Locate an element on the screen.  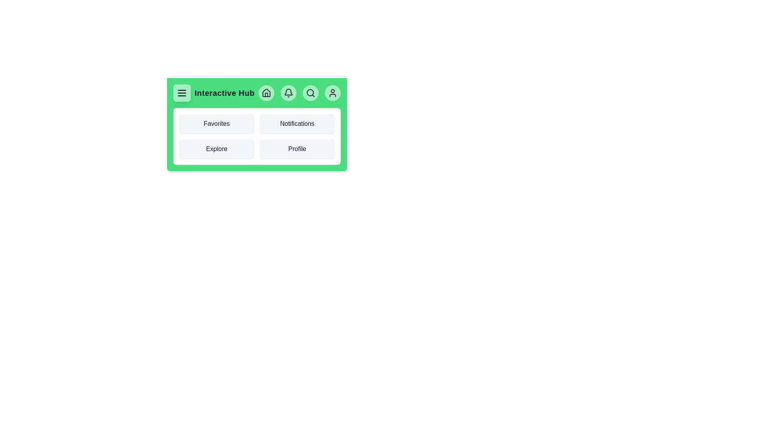
menu button to toggle the menu visibility is located at coordinates (181, 92).